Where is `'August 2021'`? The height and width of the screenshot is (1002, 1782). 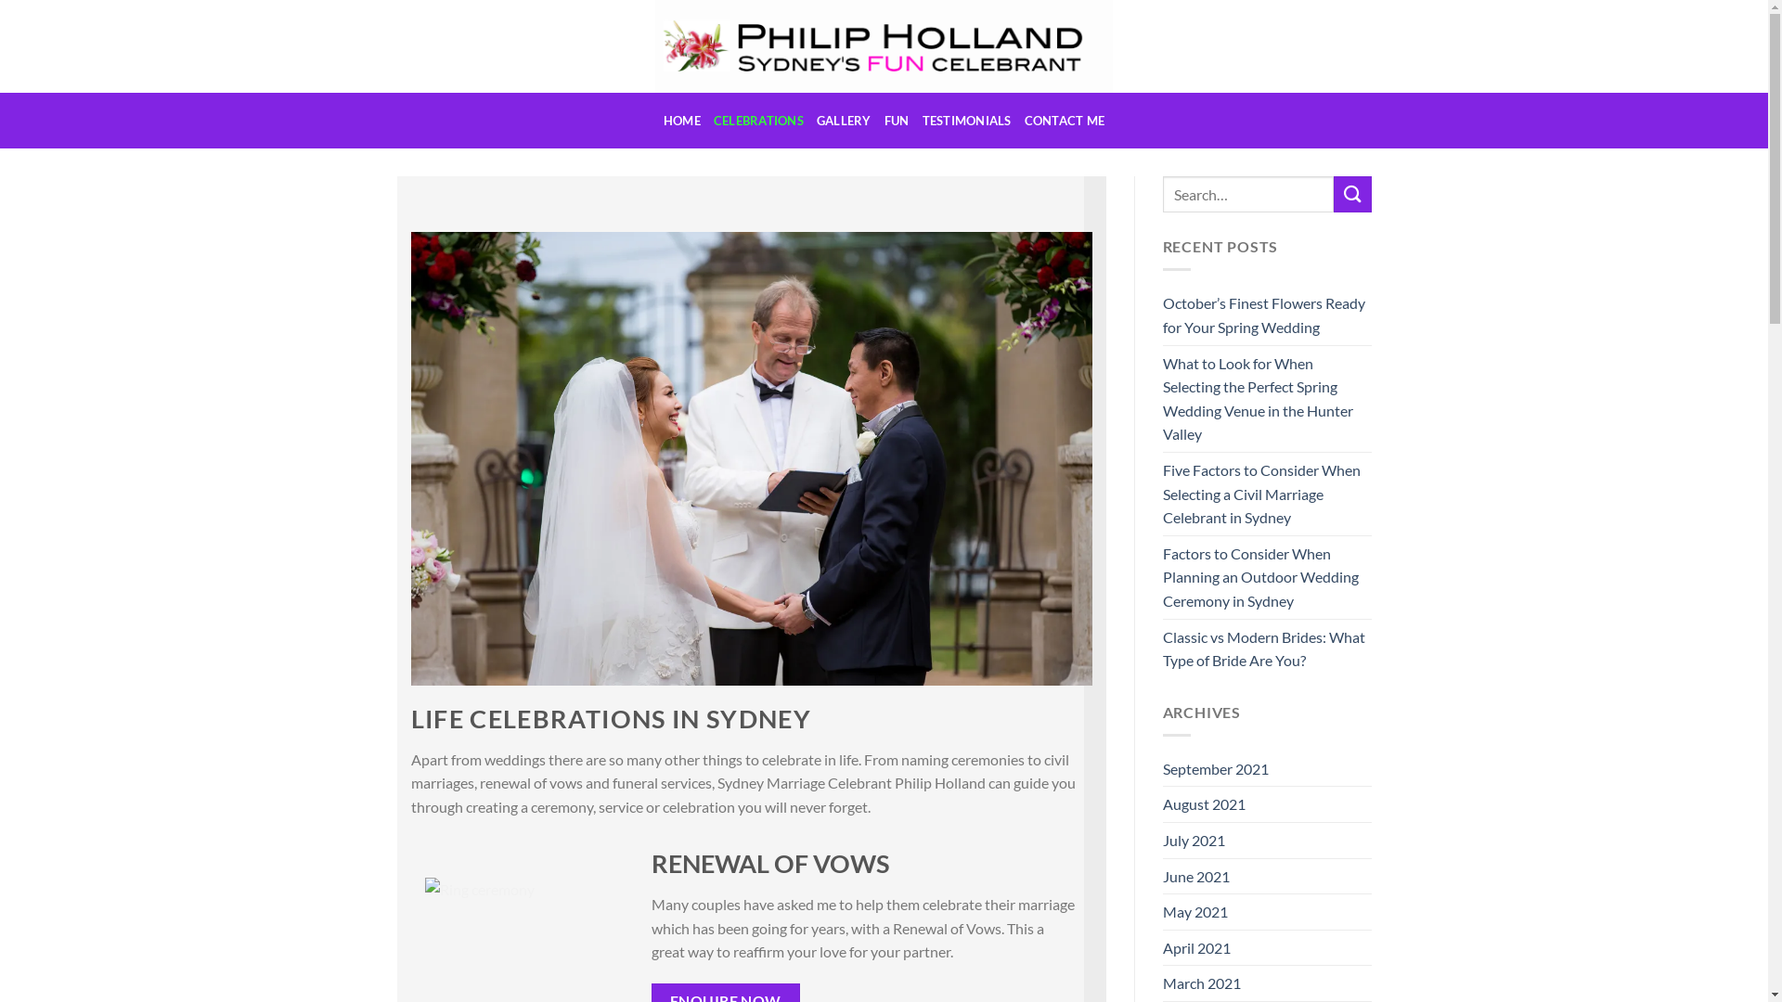 'August 2021' is located at coordinates (1203, 803).